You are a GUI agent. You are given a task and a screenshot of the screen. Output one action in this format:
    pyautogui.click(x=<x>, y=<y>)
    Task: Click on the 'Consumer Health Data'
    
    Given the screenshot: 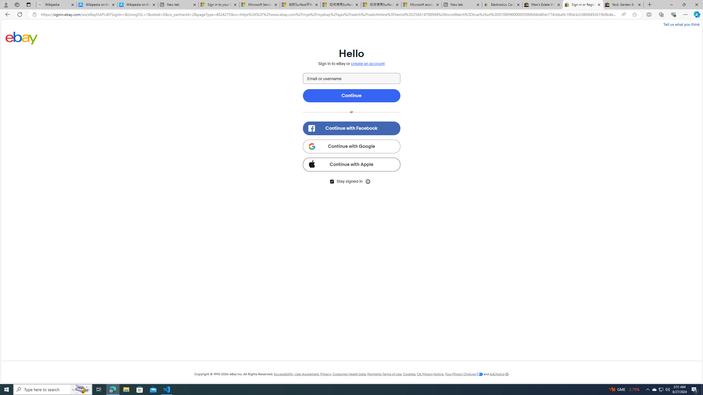 What is the action you would take?
    pyautogui.click(x=349, y=374)
    